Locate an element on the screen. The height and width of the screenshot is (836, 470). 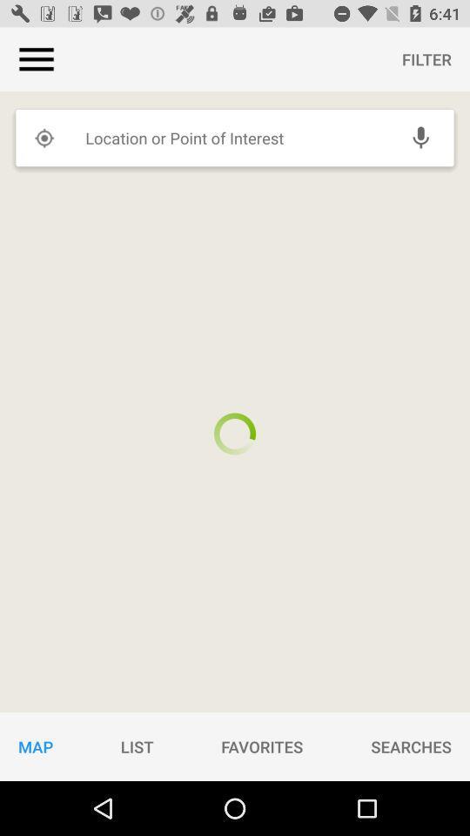
the microphone icon is located at coordinates (420, 137).